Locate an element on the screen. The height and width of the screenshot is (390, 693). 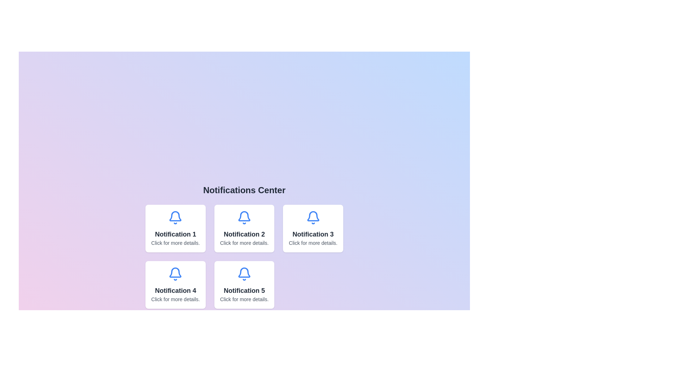
the notification bell icon located at the top center of the second notification card in a grid of five cards, which serves as a visual cue for alerts is located at coordinates (244, 216).